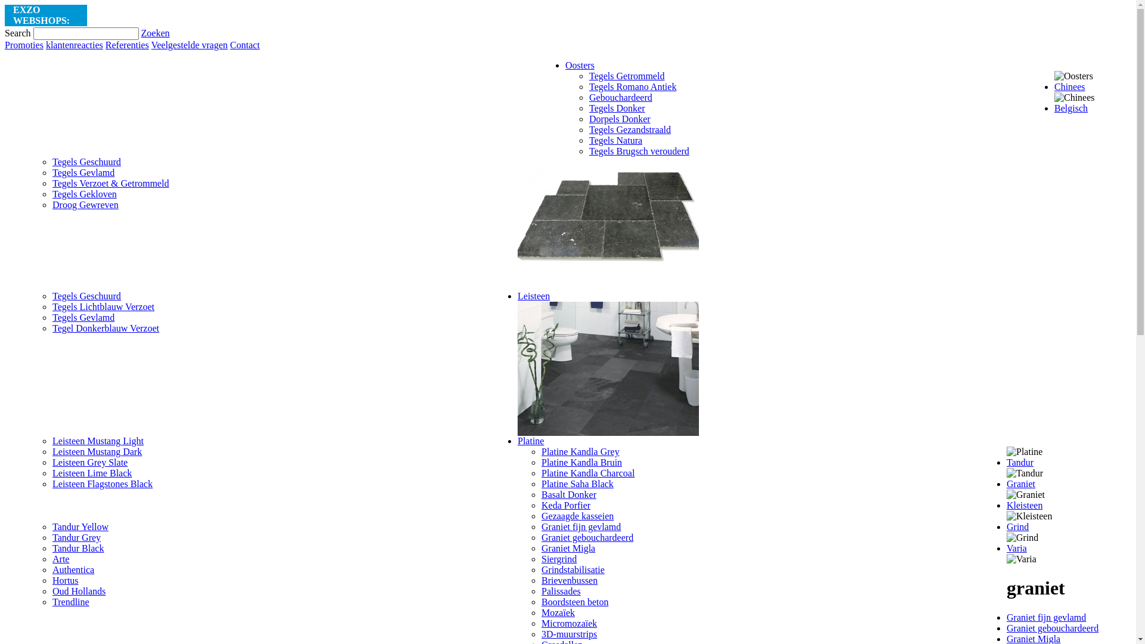 The image size is (1145, 644). I want to click on 'Tegels Romano Antiek', so click(632, 86).